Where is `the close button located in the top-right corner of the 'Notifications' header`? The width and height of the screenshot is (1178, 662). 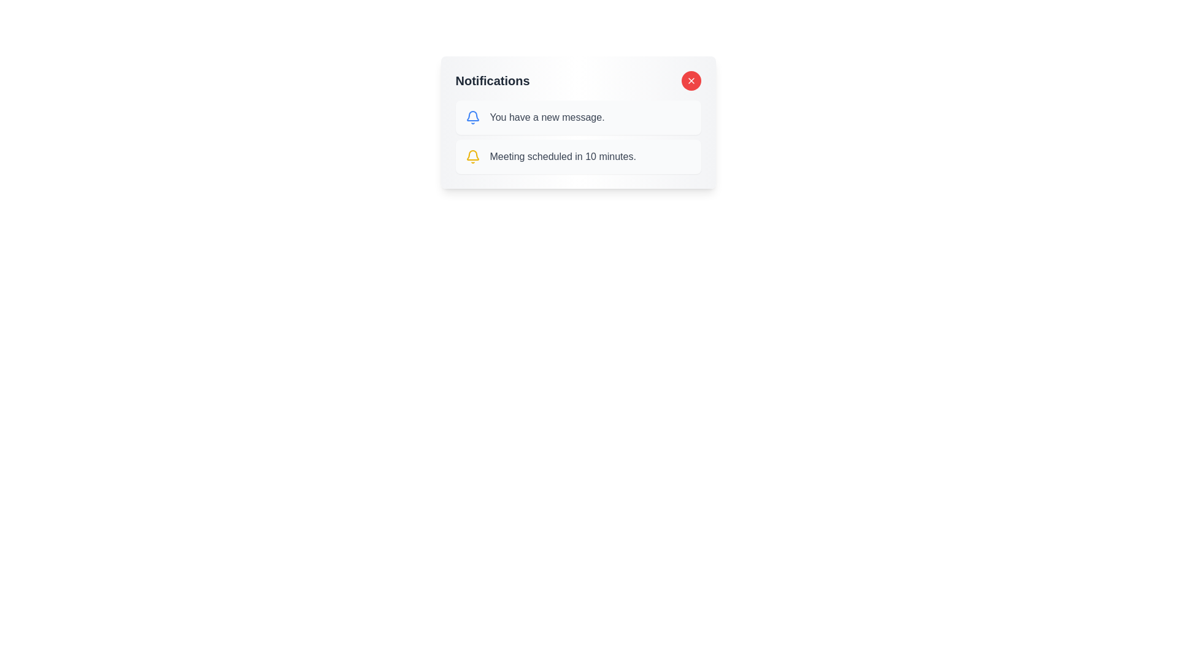
the close button located in the top-right corner of the 'Notifications' header is located at coordinates (691, 80).